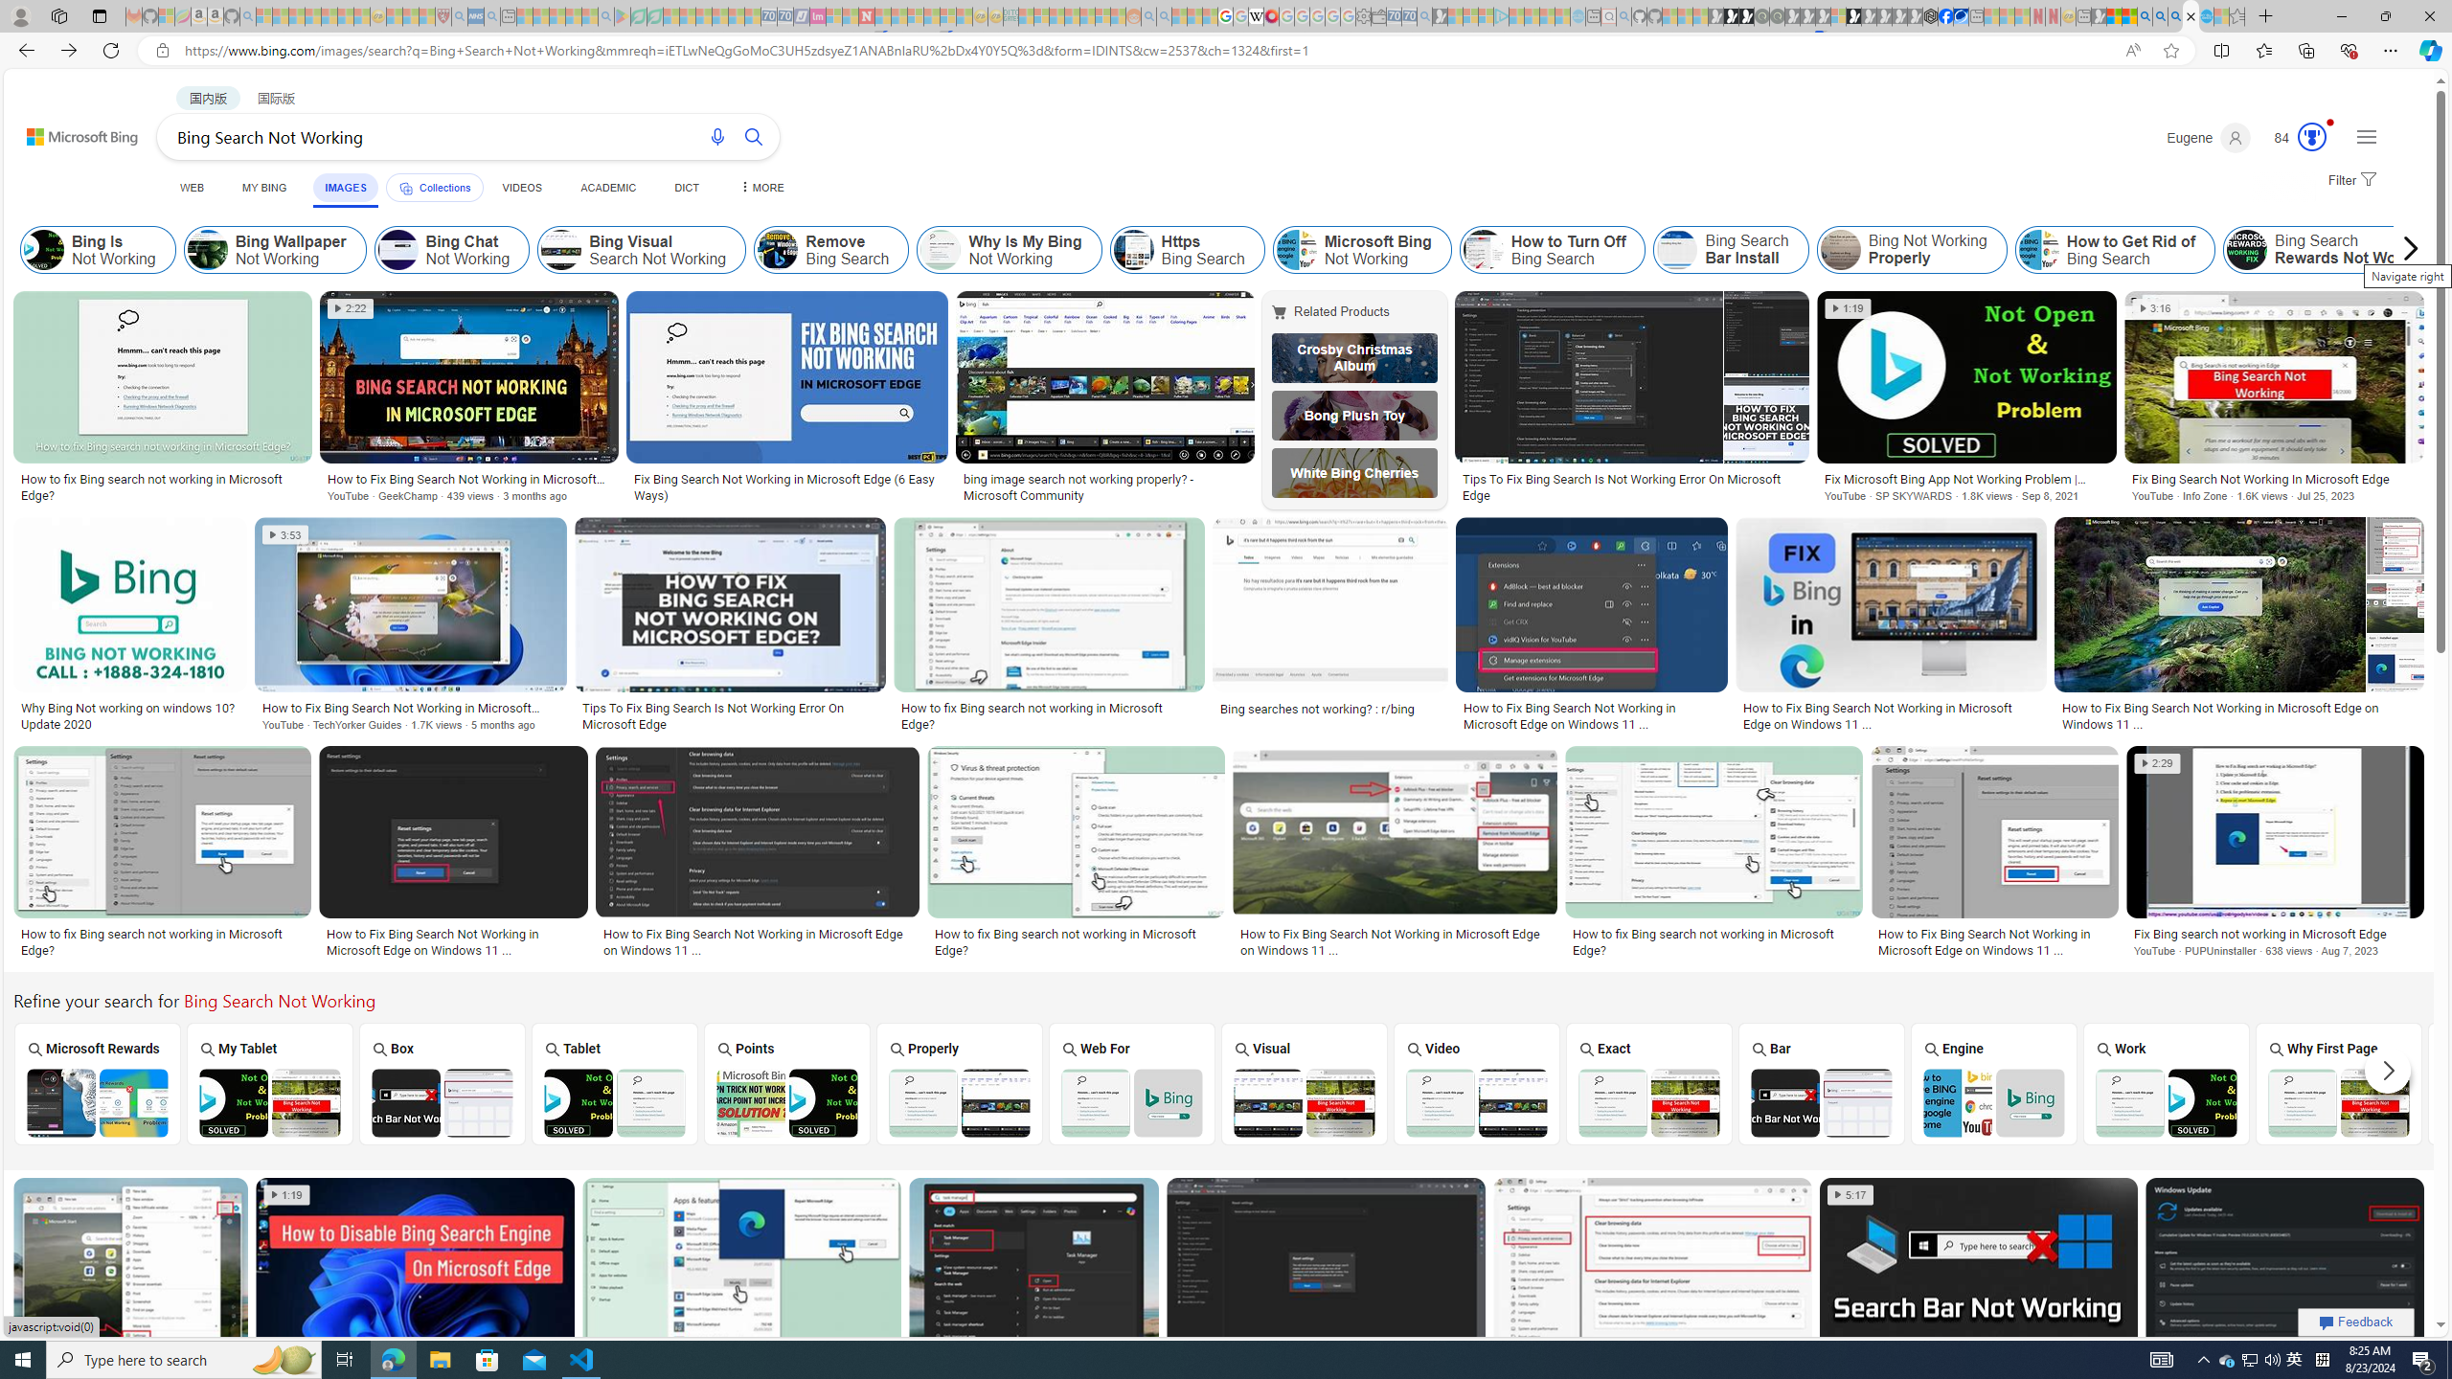 The height and width of the screenshot is (1379, 2452). I want to click on 'Visual', so click(1304, 1082).